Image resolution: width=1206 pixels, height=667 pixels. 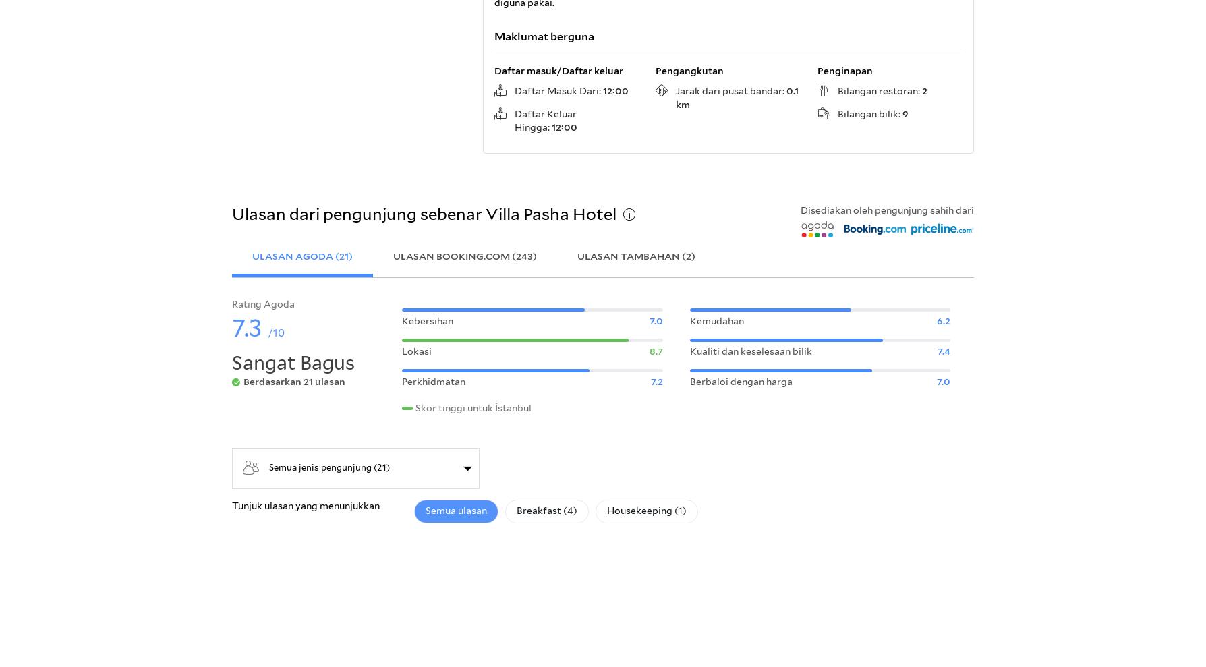 I want to click on 'Berdasarkan  21  ulasan', so click(x=293, y=380).